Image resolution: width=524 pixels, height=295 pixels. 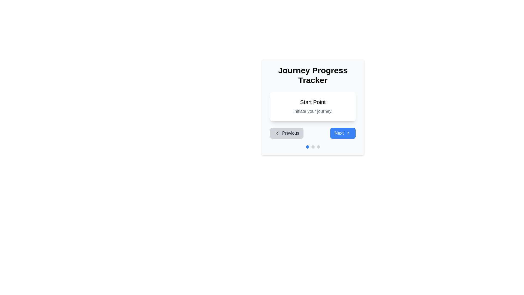 I want to click on the navigation buttons in the Navigation group located near the bottom of the interface, so click(x=313, y=133).